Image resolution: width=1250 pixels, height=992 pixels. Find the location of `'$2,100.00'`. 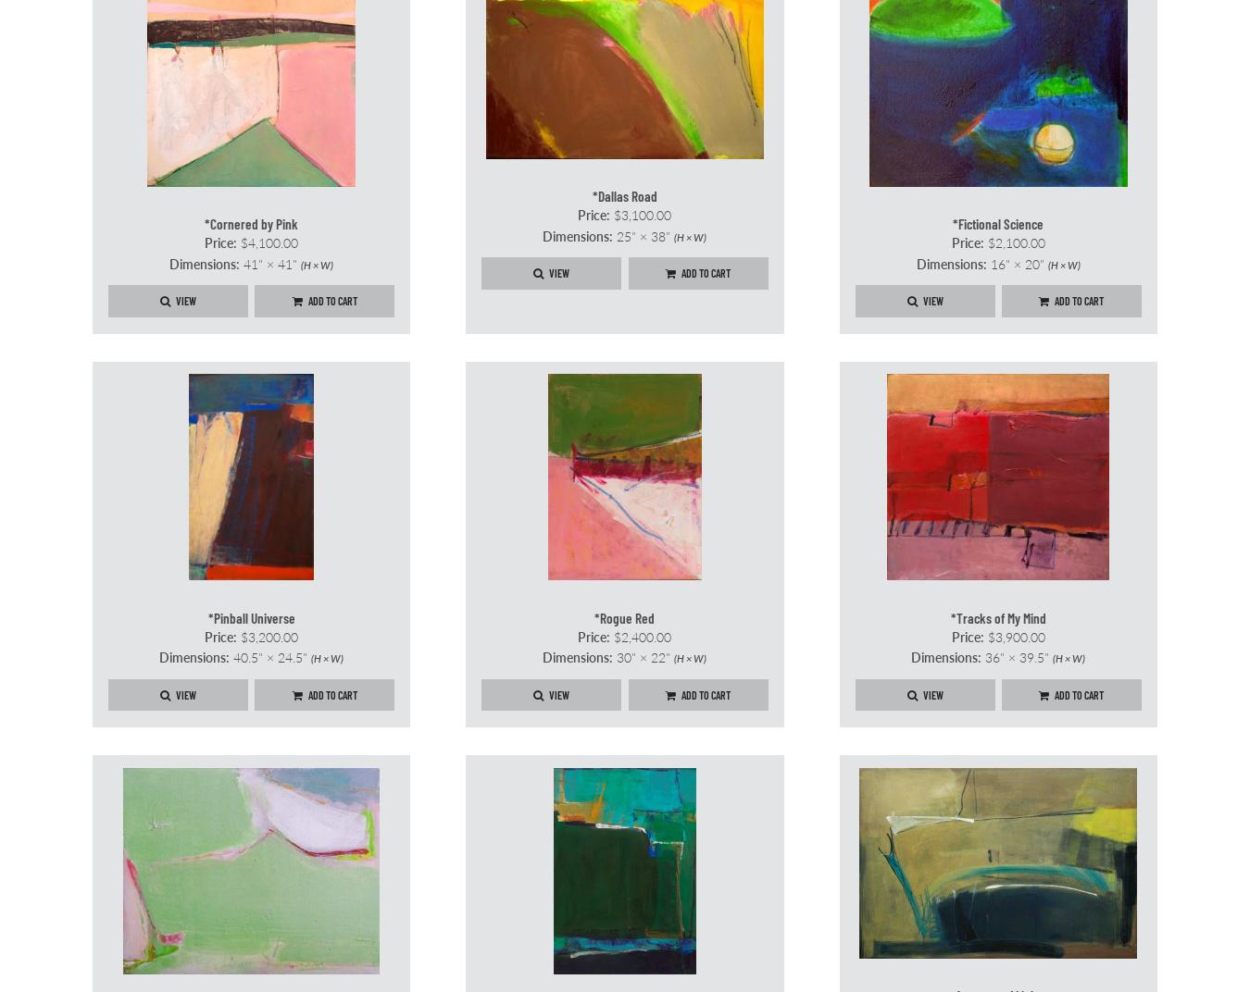

'$2,100.00' is located at coordinates (1013, 242).